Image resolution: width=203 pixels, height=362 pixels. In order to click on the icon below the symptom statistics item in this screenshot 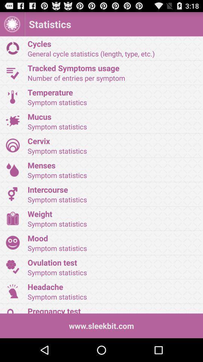, I will do `click(112, 165)`.